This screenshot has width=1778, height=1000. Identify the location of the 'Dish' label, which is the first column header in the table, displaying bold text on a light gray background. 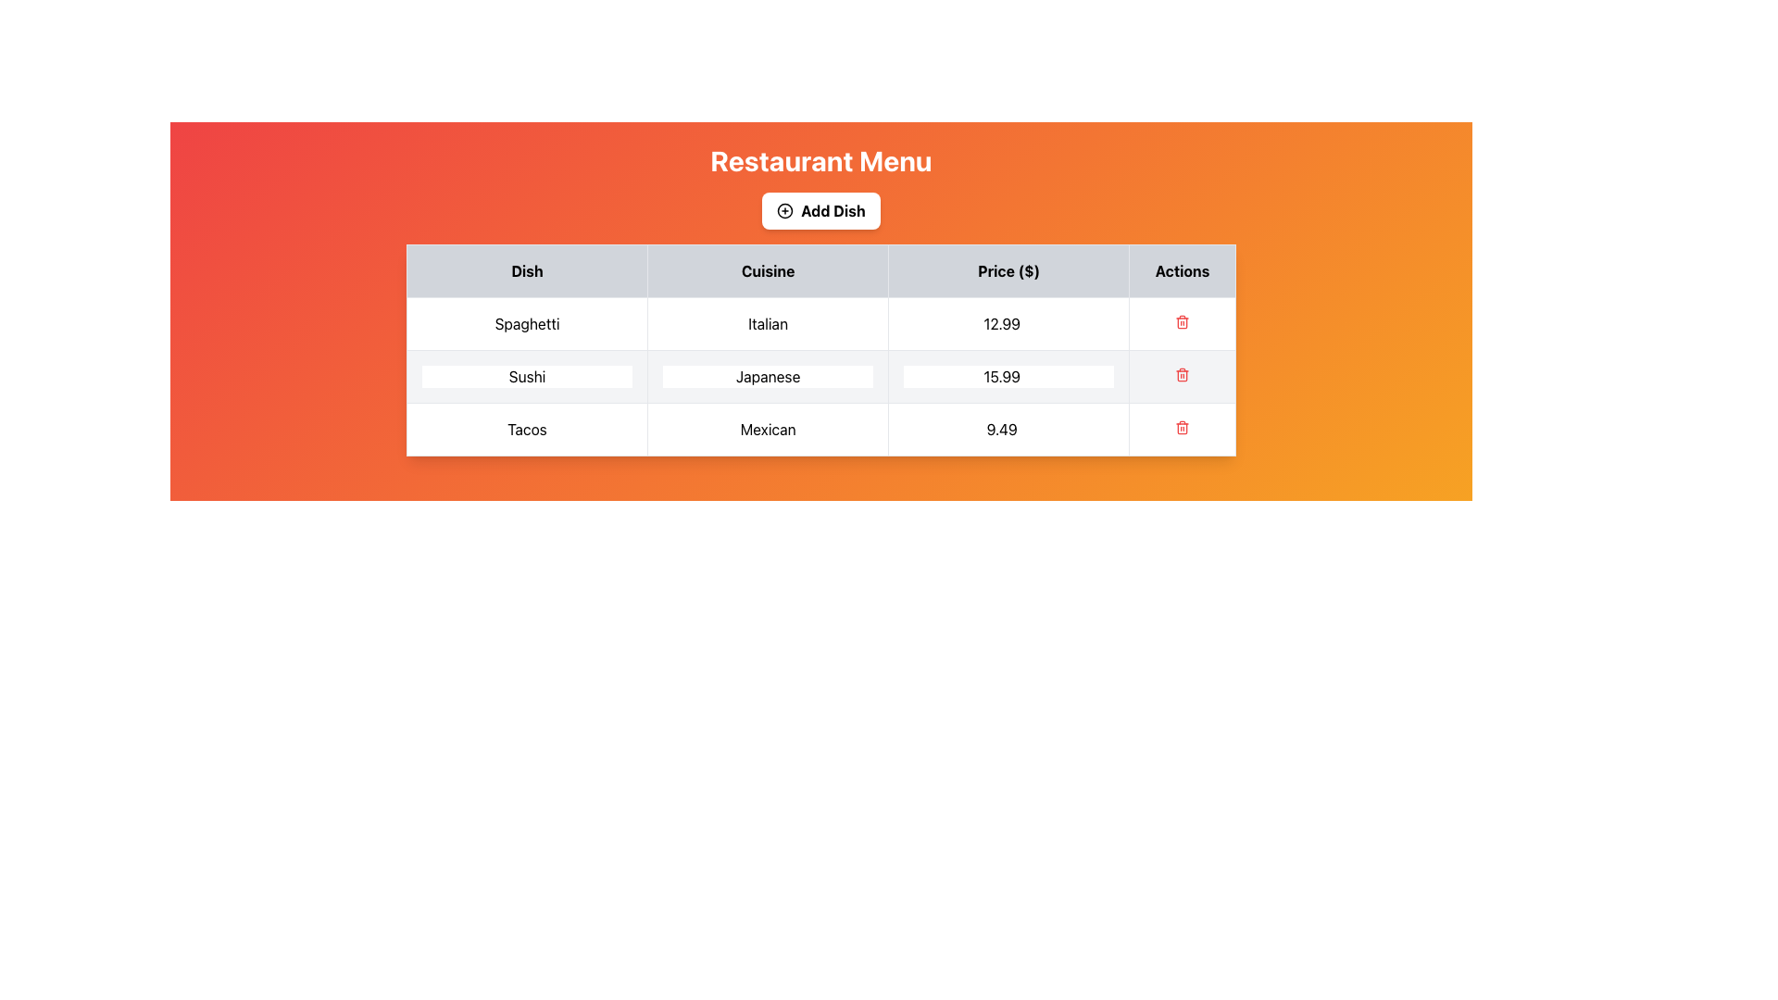
(526, 271).